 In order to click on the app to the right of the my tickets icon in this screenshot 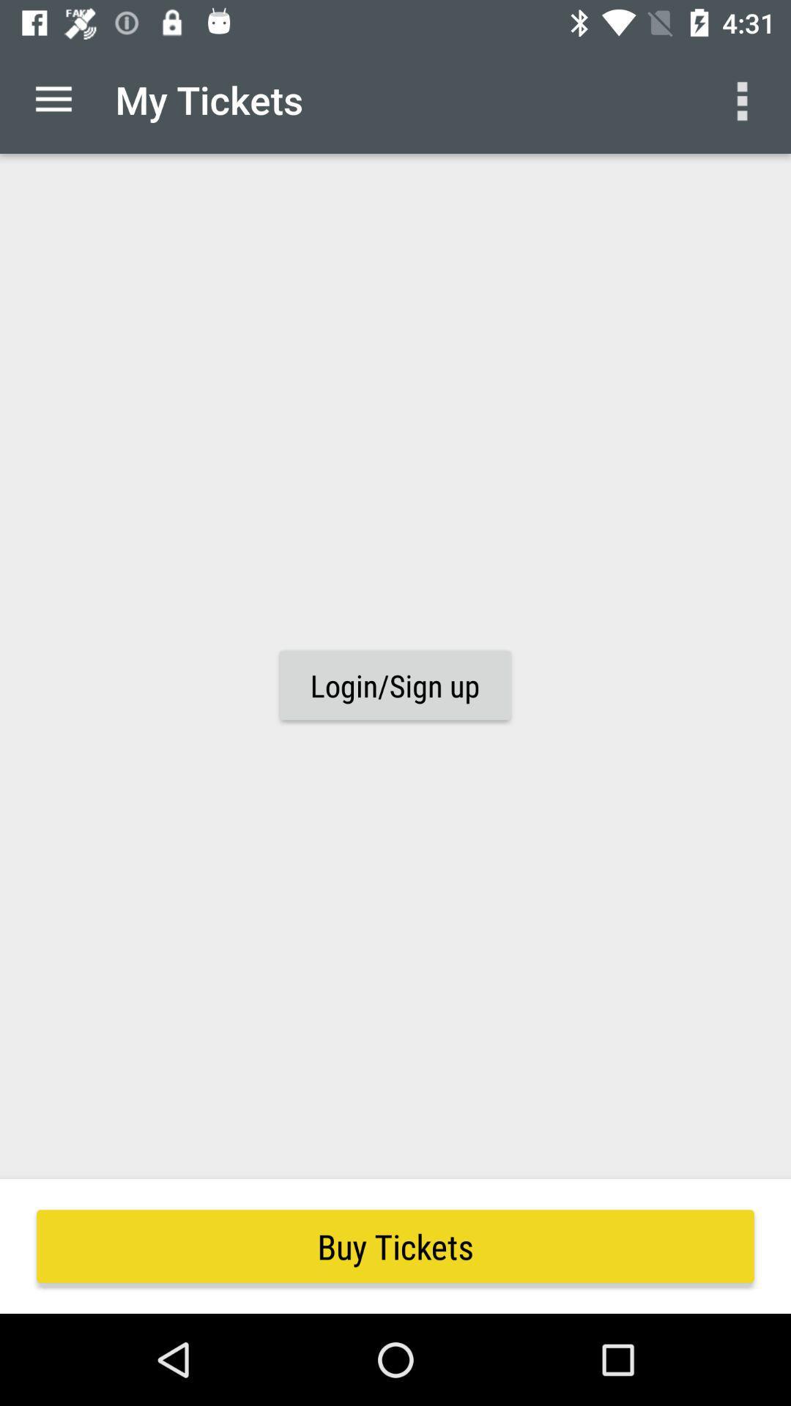, I will do `click(745, 99)`.